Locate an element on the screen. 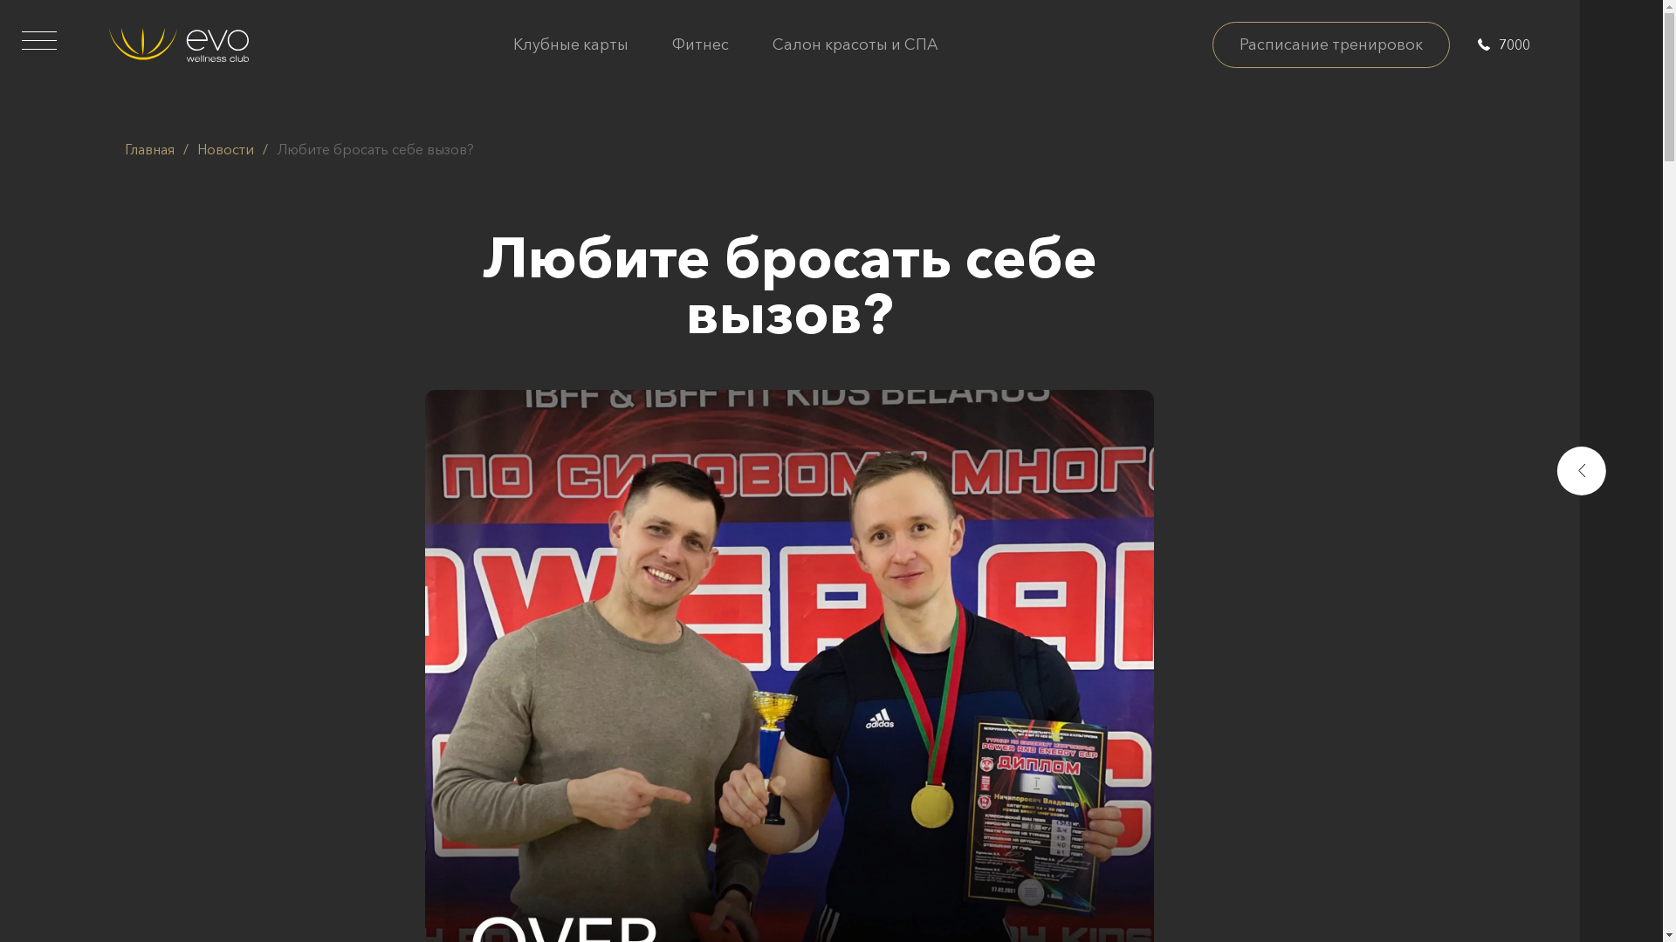 This screenshot has width=1676, height=942. '7000' is located at coordinates (1503, 43).